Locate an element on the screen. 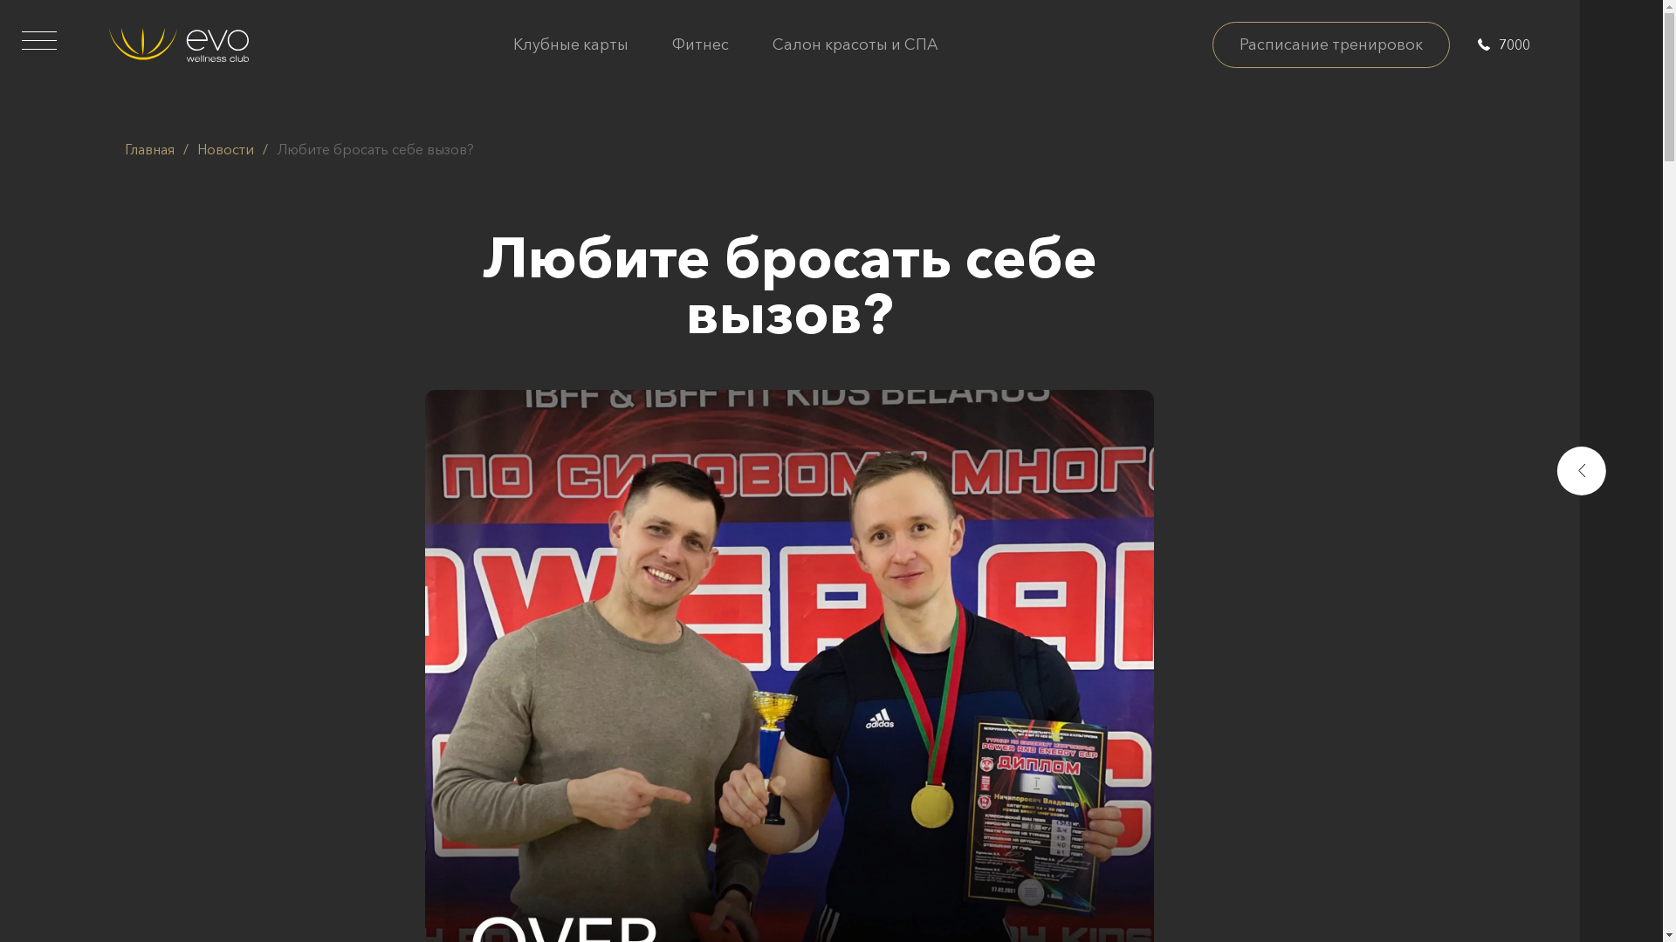 This screenshot has width=1676, height=942. '7000' is located at coordinates (1503, 43).